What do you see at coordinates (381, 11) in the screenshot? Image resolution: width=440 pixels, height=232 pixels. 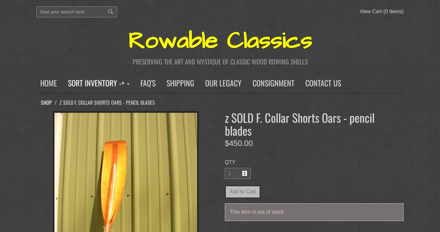 I see `'View Cart (0 Items)'` at bounding box center [381, 11].